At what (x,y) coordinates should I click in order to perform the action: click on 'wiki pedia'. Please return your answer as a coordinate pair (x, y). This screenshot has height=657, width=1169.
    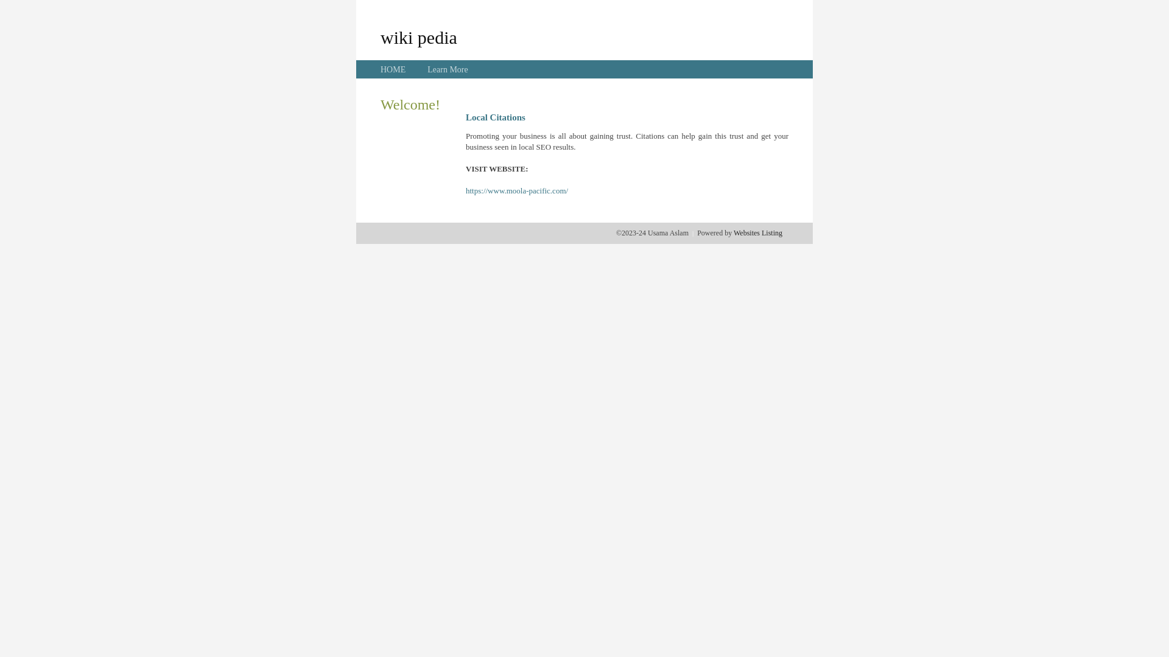
    Looking at the image, I should click on (418, 36).